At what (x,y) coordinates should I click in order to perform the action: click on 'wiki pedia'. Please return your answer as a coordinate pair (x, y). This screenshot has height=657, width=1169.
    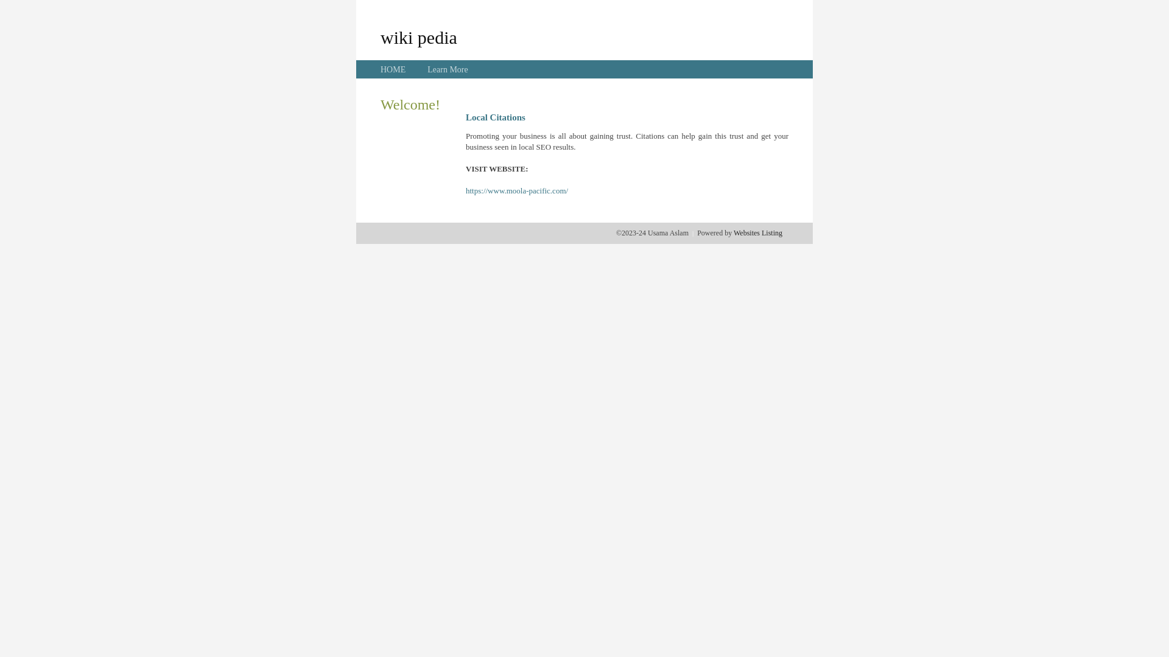
    Looking at the image, I should click on (418, 36).